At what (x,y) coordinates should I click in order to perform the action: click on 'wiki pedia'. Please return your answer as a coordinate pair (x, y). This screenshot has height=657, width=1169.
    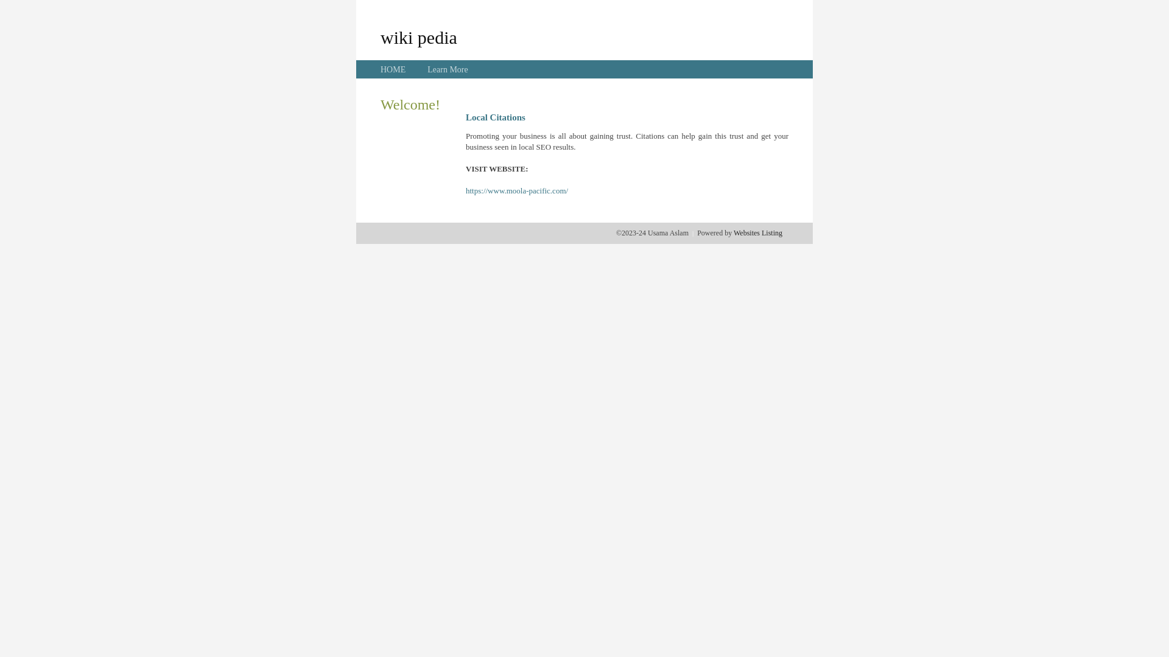
    Looking at the image, I should click on (418, 36).